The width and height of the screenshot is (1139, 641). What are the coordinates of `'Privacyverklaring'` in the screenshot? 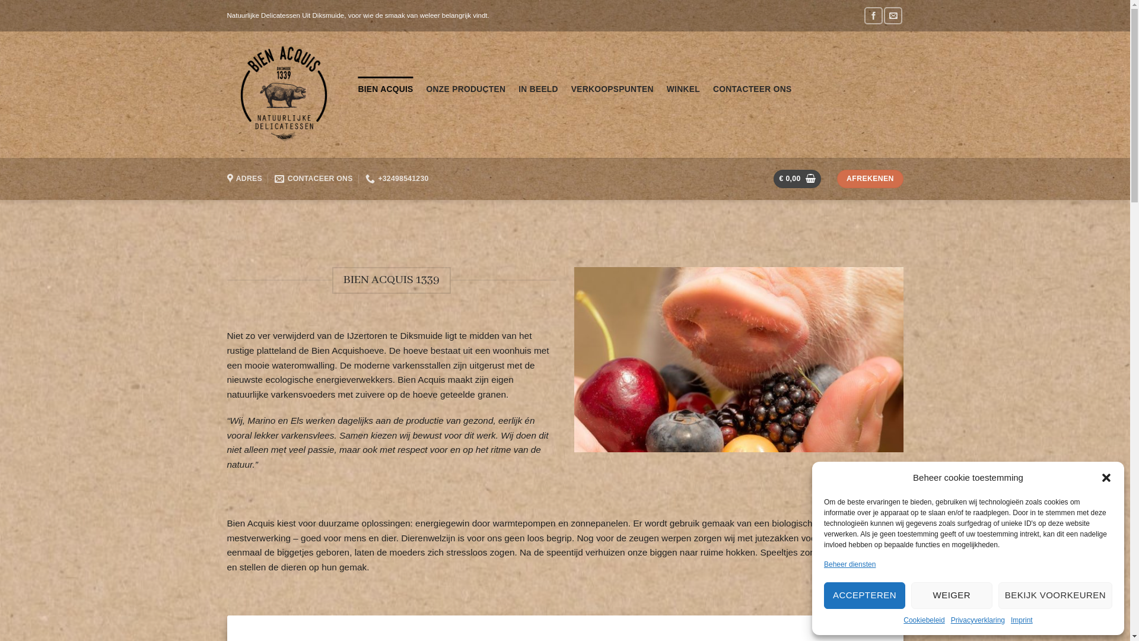 It's located at (978, 620).